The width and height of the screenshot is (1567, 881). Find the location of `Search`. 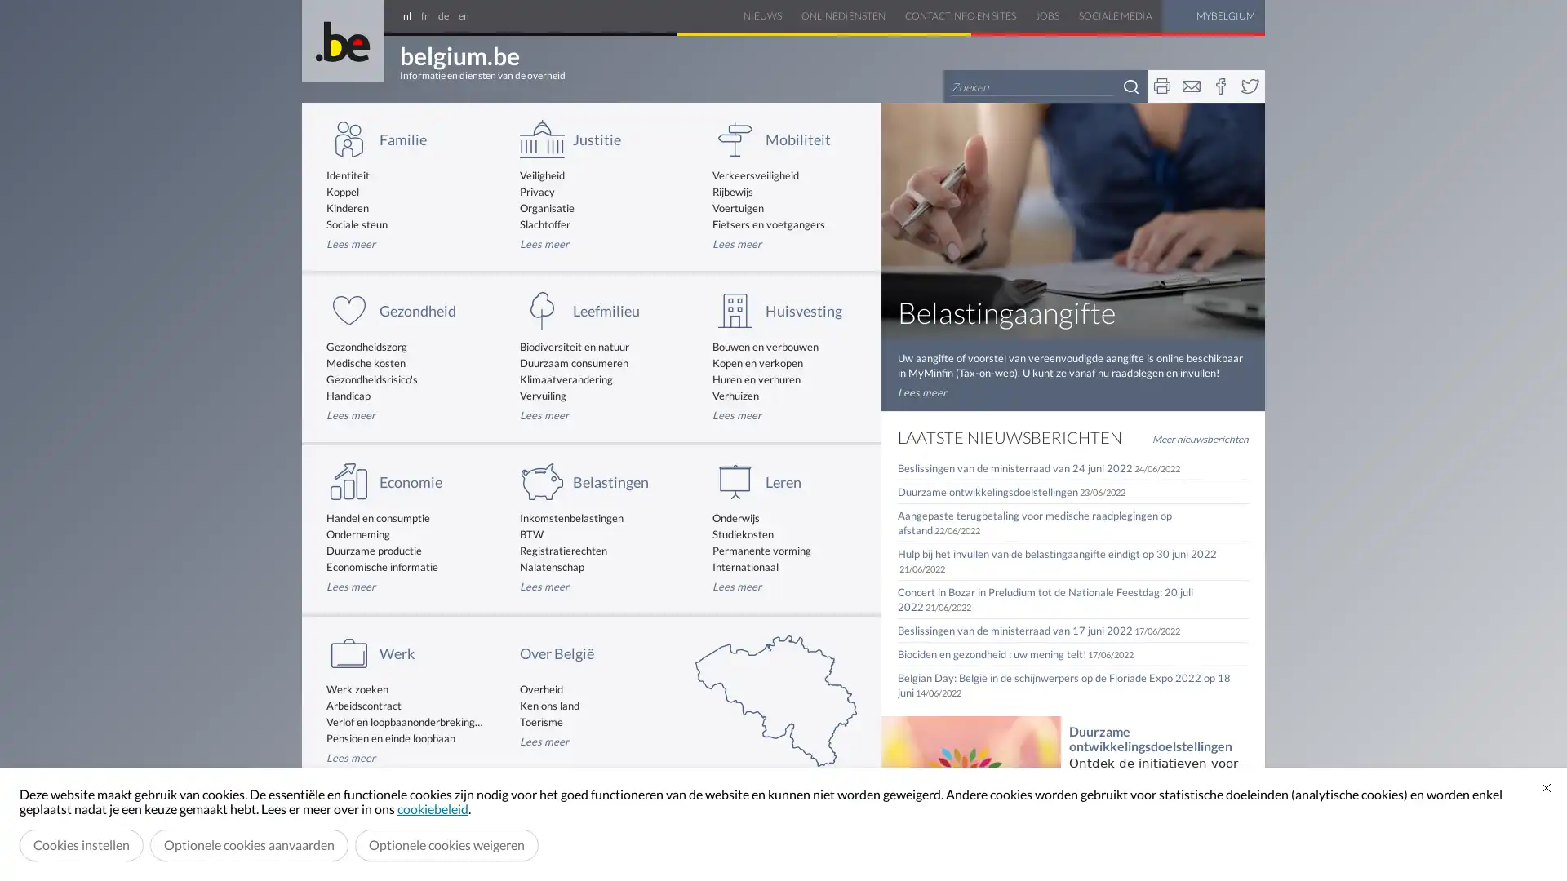

Search is located at coordinates (1130, 86).